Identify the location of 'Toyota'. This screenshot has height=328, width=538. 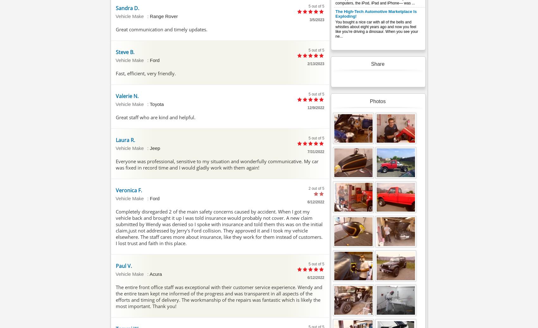
(156, 103).